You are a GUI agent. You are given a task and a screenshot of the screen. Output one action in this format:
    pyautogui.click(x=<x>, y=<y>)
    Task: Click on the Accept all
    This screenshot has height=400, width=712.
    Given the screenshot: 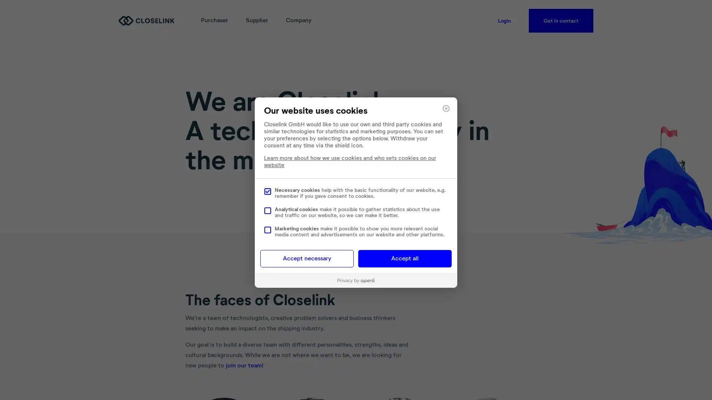 What is the action you would take?
    pyautogui.click(x=405, y=258)
    